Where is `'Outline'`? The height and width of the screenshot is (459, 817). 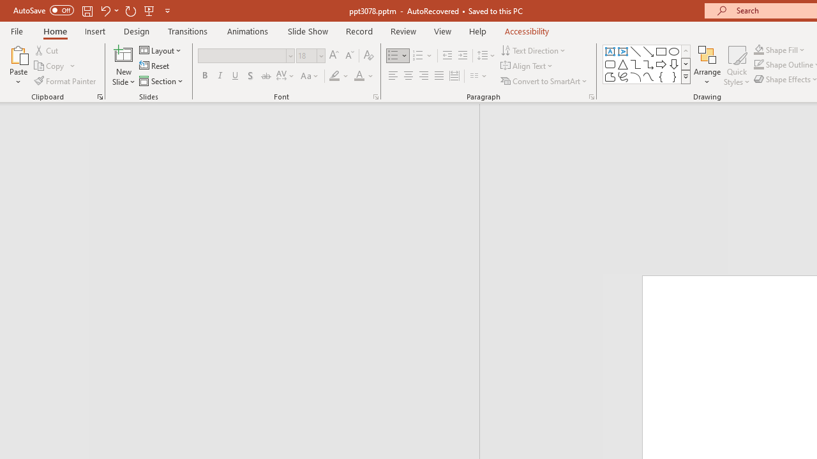 'Outline' is located at coordinates (245, 138).